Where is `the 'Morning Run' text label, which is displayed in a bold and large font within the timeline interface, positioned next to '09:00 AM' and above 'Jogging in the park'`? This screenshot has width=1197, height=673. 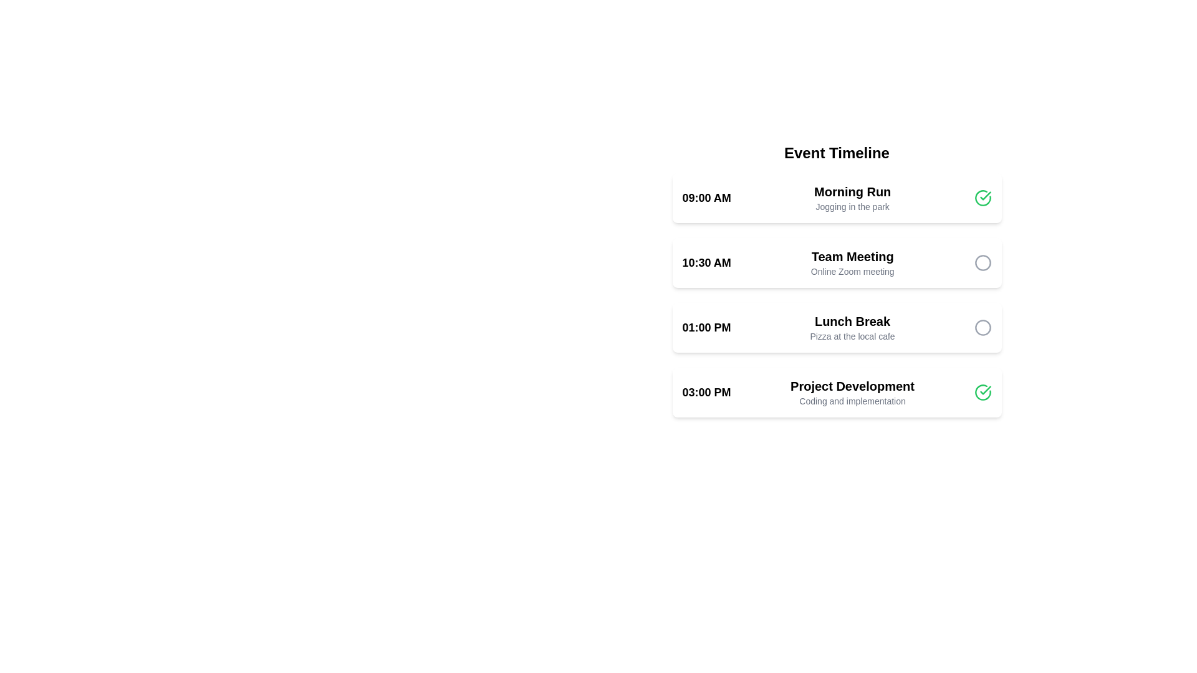 the 'Morning Run' text label, which is displayed in a bold and large font within the timeline interface, positioned next to '09:00 AM' and above 'Jogging in the park' is located at coordinates (852, 192).